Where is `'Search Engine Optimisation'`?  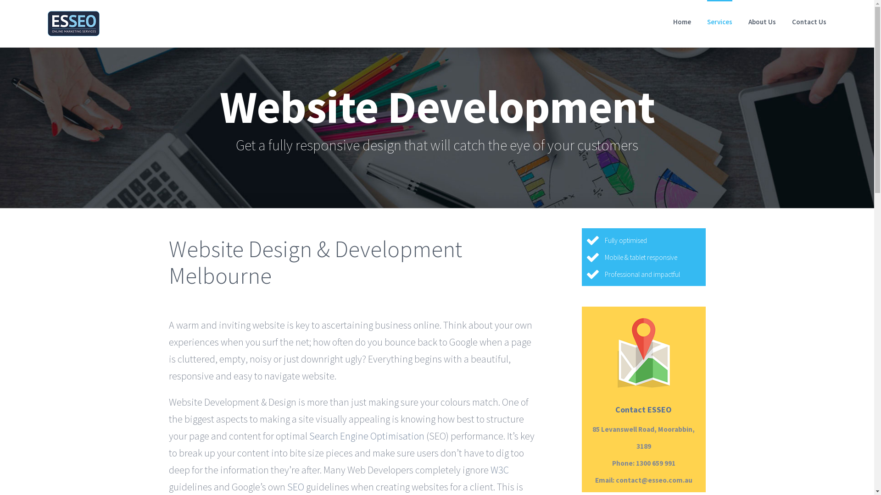 'Search Engine Optimisation' is located at coordinates (366, 434).